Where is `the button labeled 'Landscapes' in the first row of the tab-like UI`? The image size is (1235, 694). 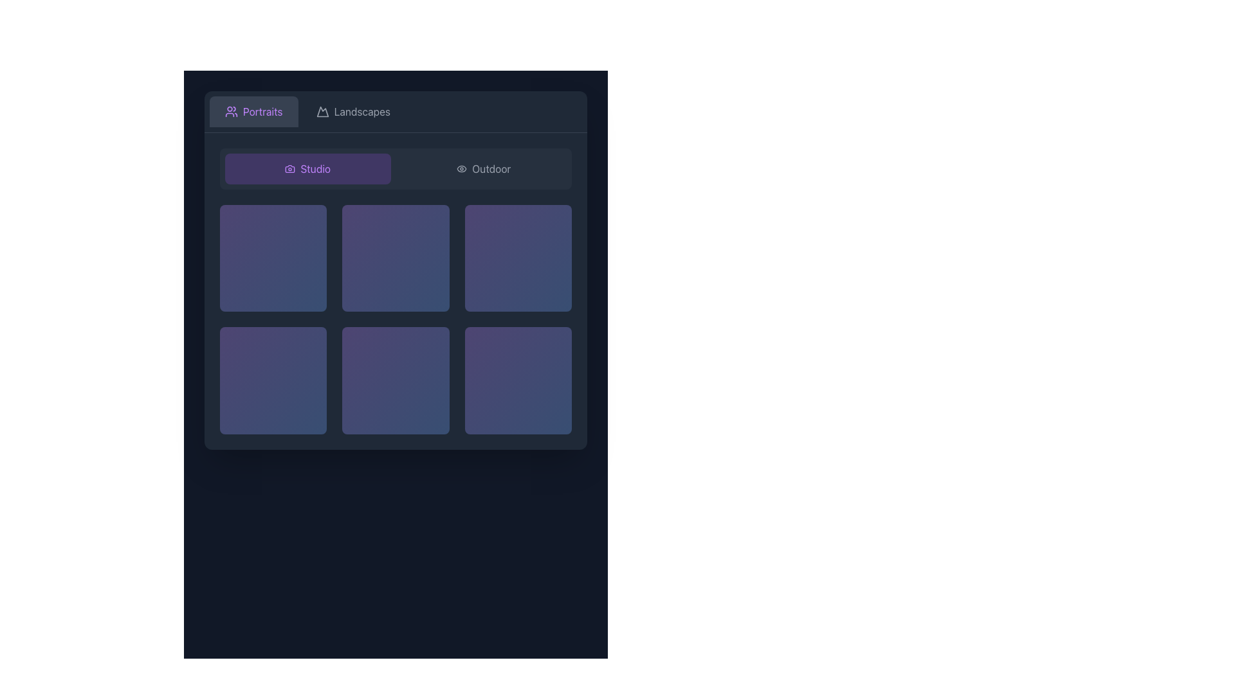
the button labeled 'Landscapes' in the first row of the tab-like UI is located at coordinates (353, 111).